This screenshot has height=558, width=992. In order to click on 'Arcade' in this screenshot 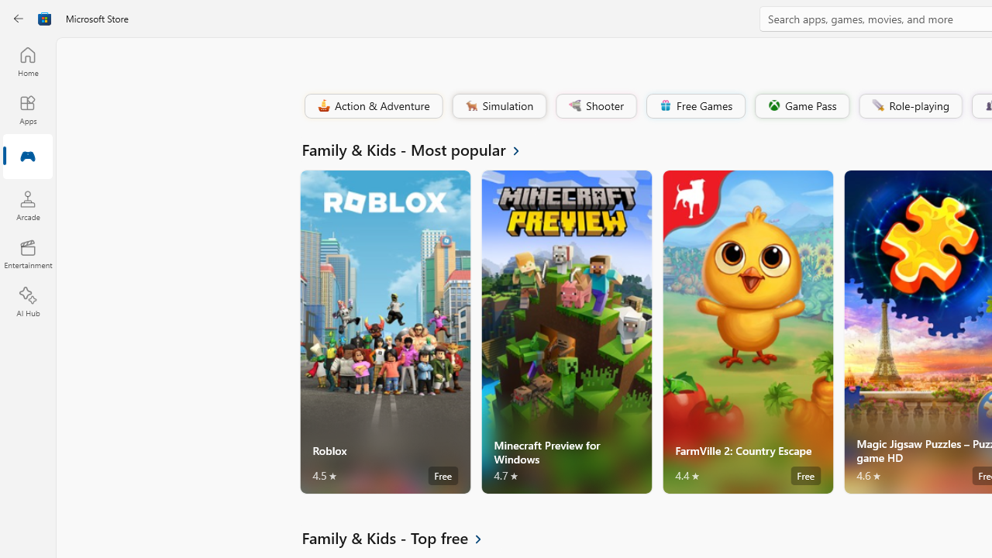, I will do `click(27, 205)`.